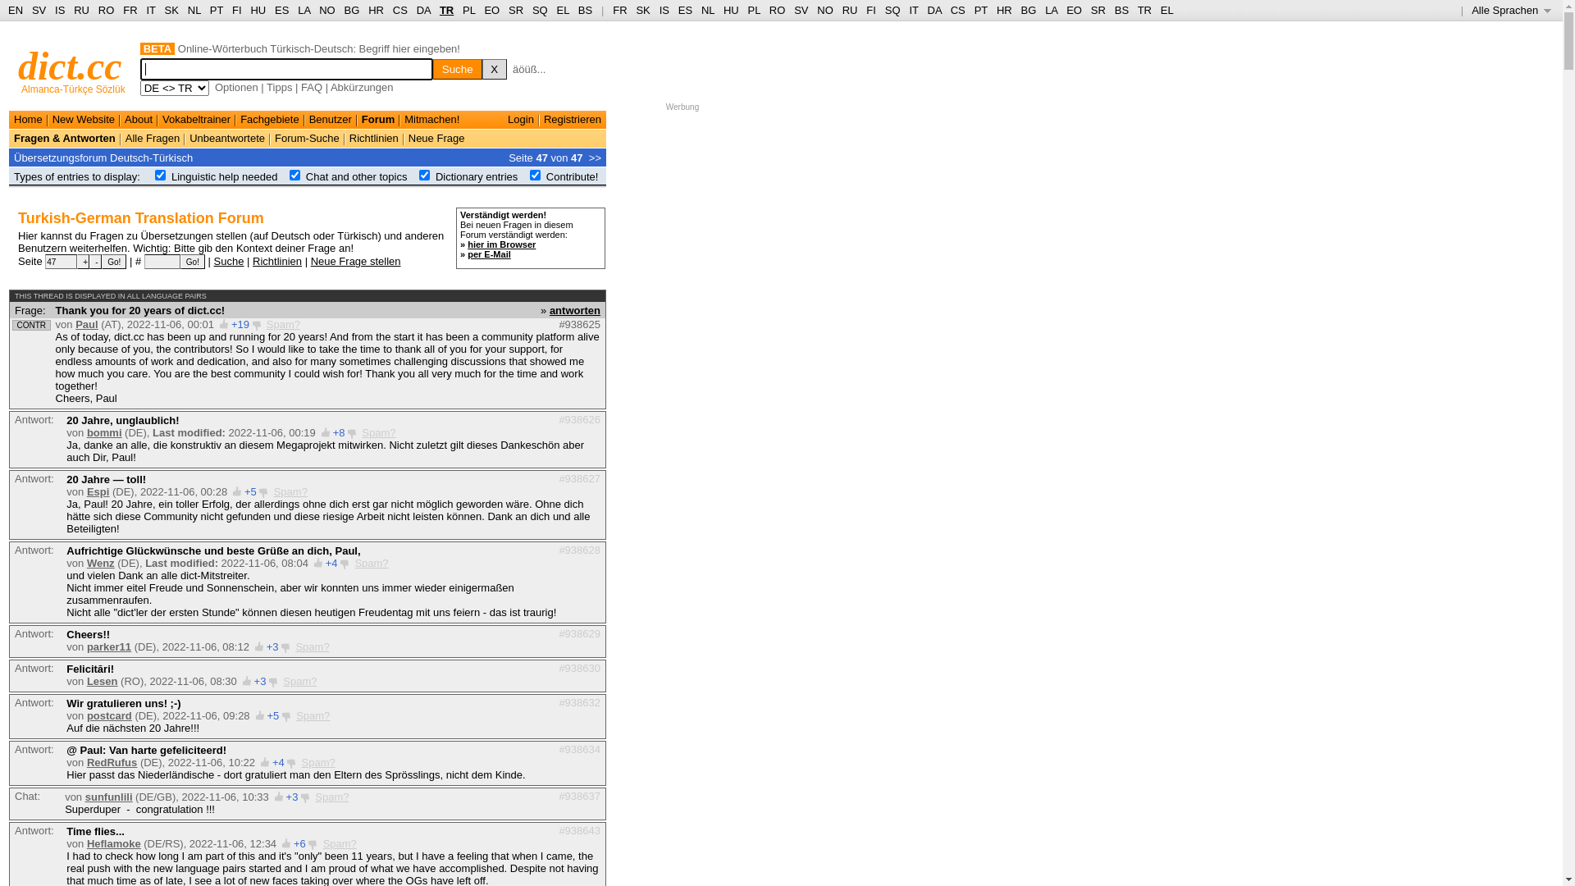 The width and height of the screenshot is (1575, 886). I want to click on '+6', so click(299, 843).